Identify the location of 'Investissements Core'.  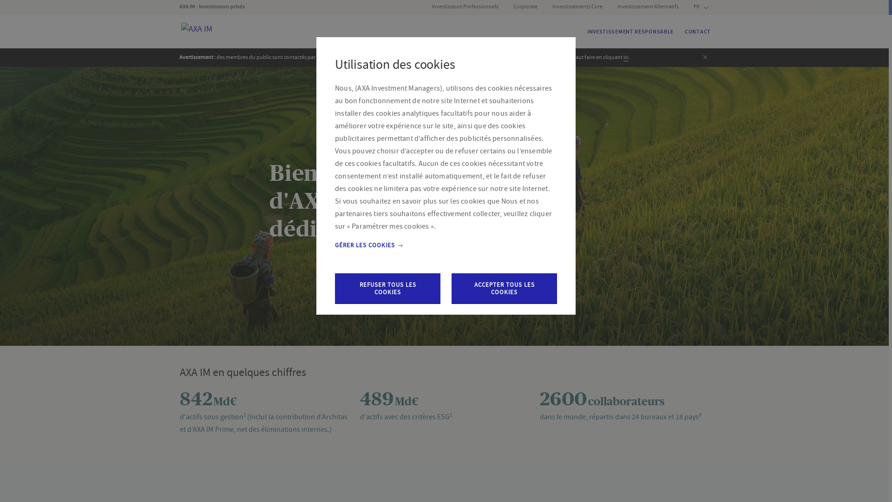
(577, 7).